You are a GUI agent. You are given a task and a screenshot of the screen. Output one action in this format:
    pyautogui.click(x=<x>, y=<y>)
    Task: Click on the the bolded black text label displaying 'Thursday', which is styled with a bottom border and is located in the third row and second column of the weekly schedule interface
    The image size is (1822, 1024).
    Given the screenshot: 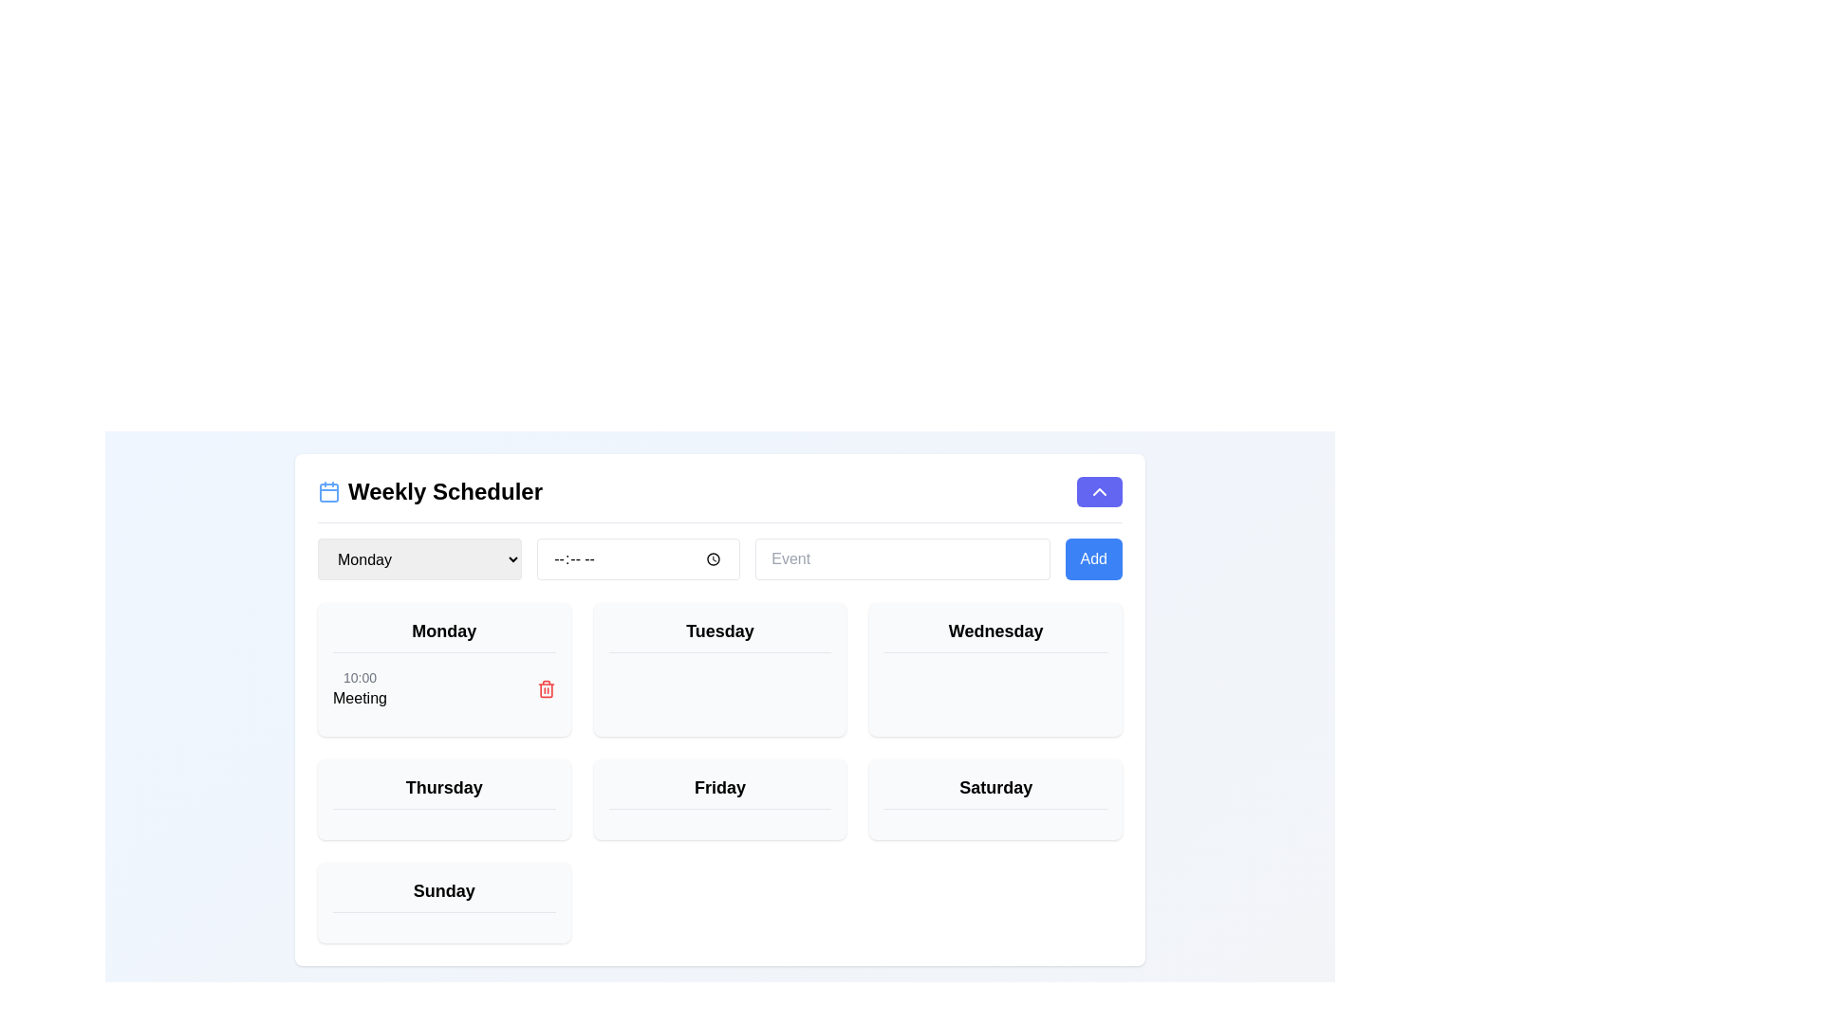 What is the action you would take?
    pyautogui.click(x=443, y=792)
    